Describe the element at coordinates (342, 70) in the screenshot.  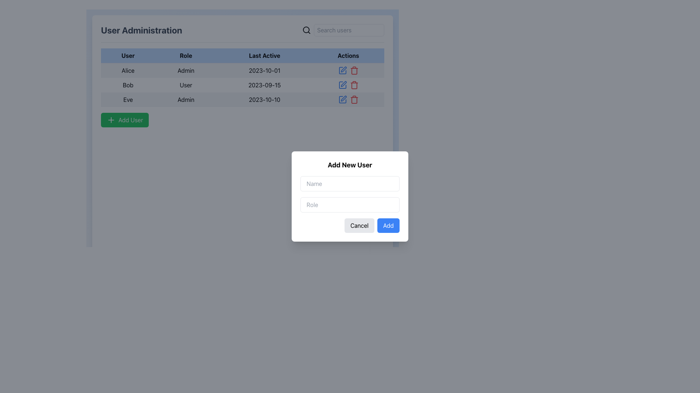
I see `the blue edit icon button in the Actions column of the first row of the user management table` at that location.